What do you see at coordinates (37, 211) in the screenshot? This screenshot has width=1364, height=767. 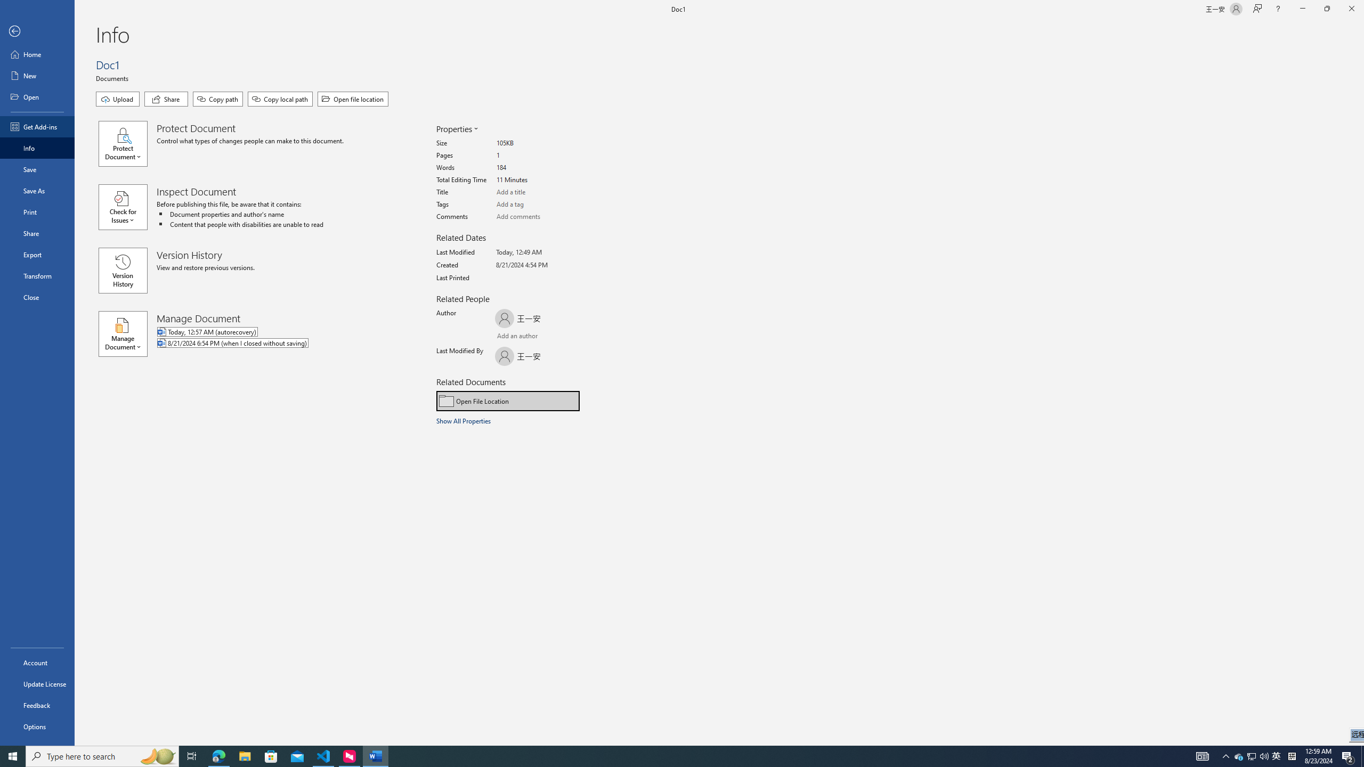 I see `'Print'` at bounding box center [37, 211].